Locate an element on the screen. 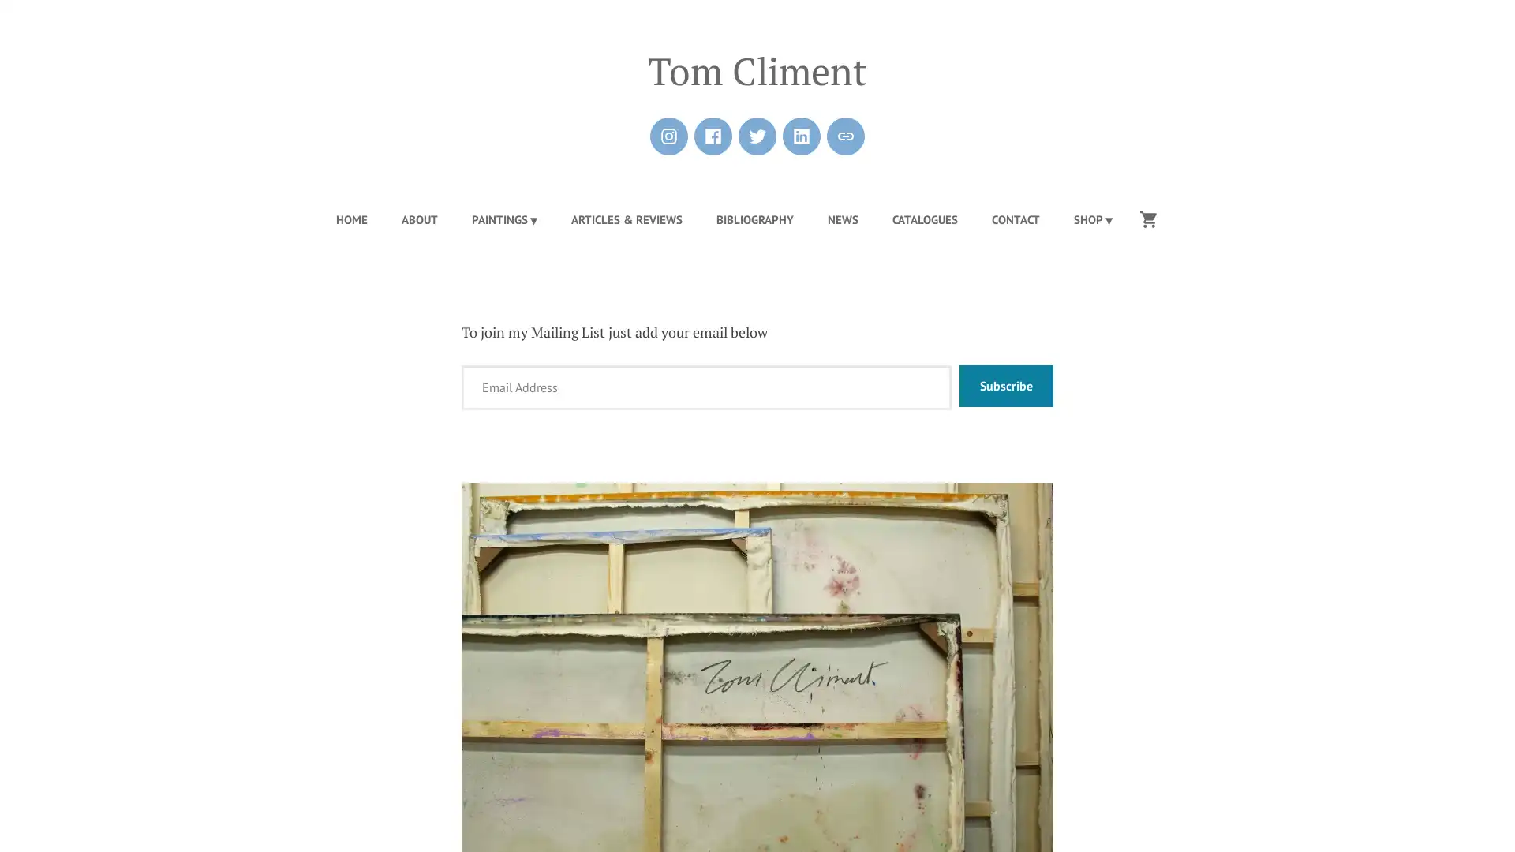  Subscribe is located at coordinates (1005, 386).